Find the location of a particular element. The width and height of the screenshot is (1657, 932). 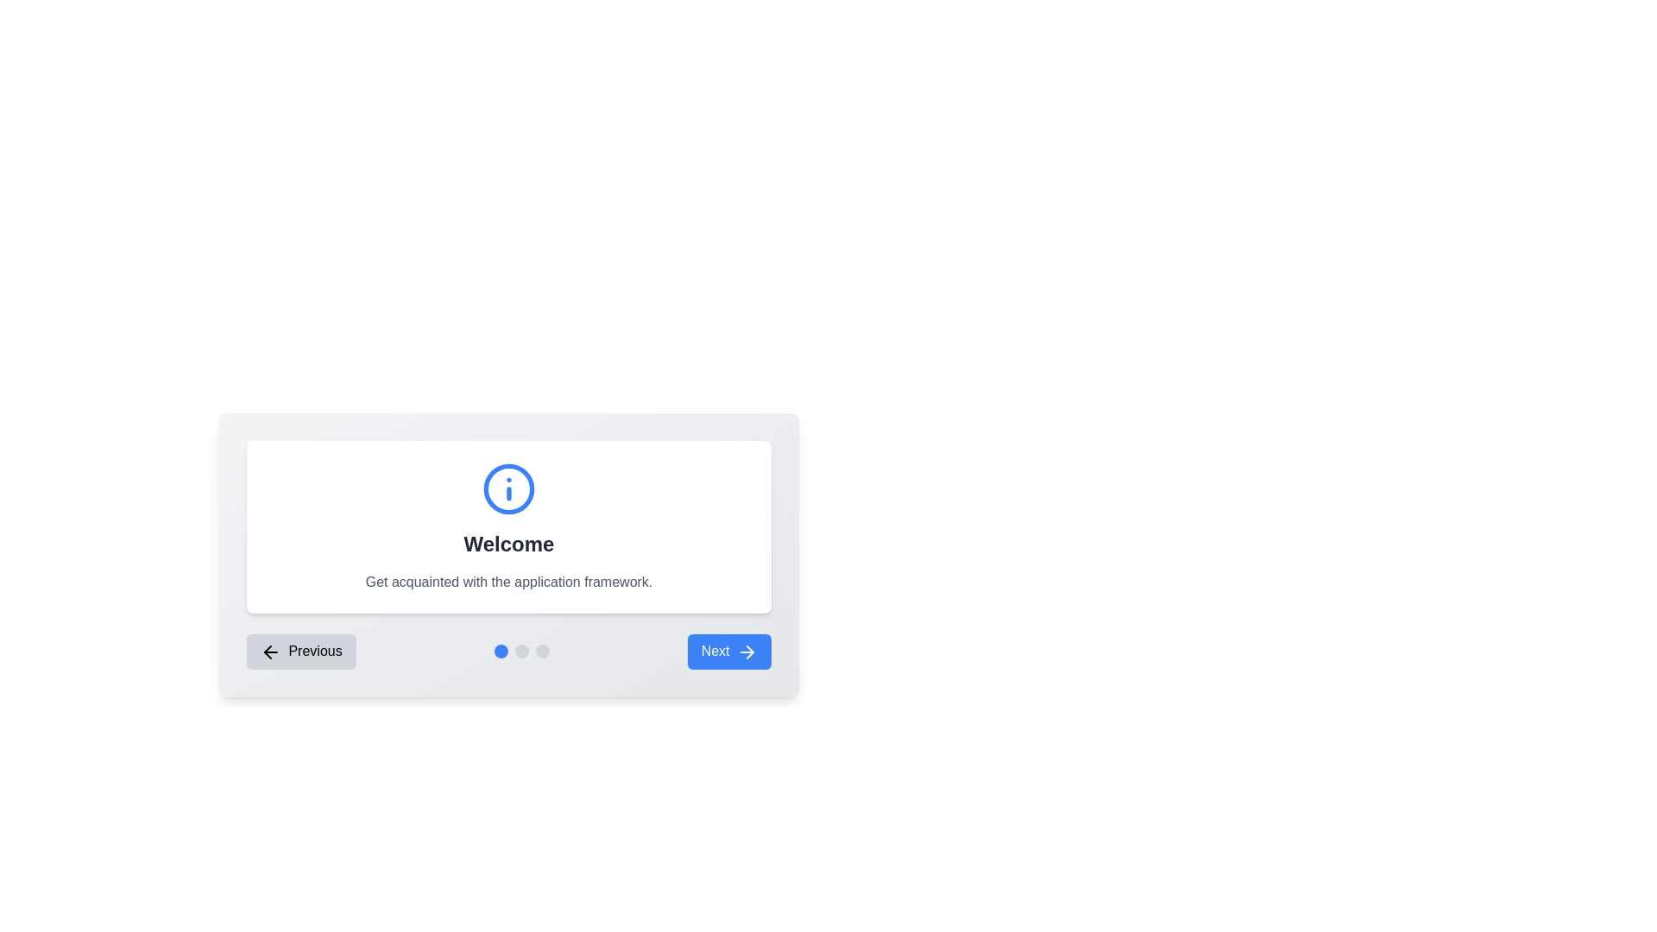

the 'Previous' button is located at coordinates (301, 652).